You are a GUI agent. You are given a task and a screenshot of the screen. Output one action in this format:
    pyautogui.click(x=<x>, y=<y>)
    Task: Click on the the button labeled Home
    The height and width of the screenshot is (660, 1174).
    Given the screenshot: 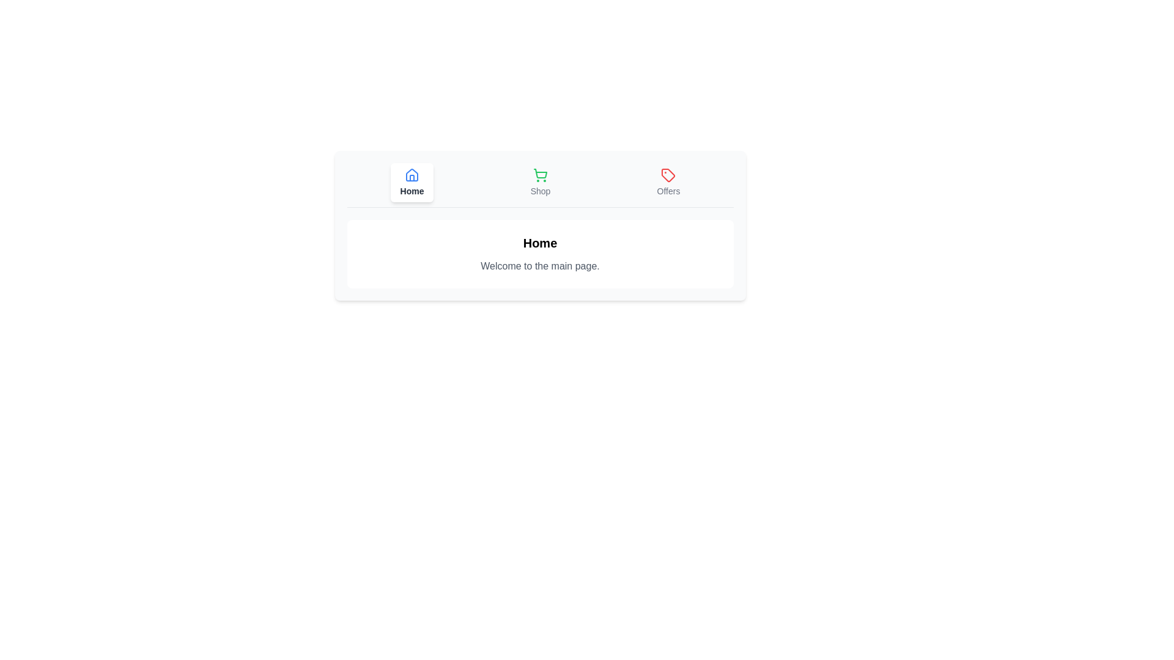 What is the action you would take?
    pyautogui.click(x=412, y=183)
    